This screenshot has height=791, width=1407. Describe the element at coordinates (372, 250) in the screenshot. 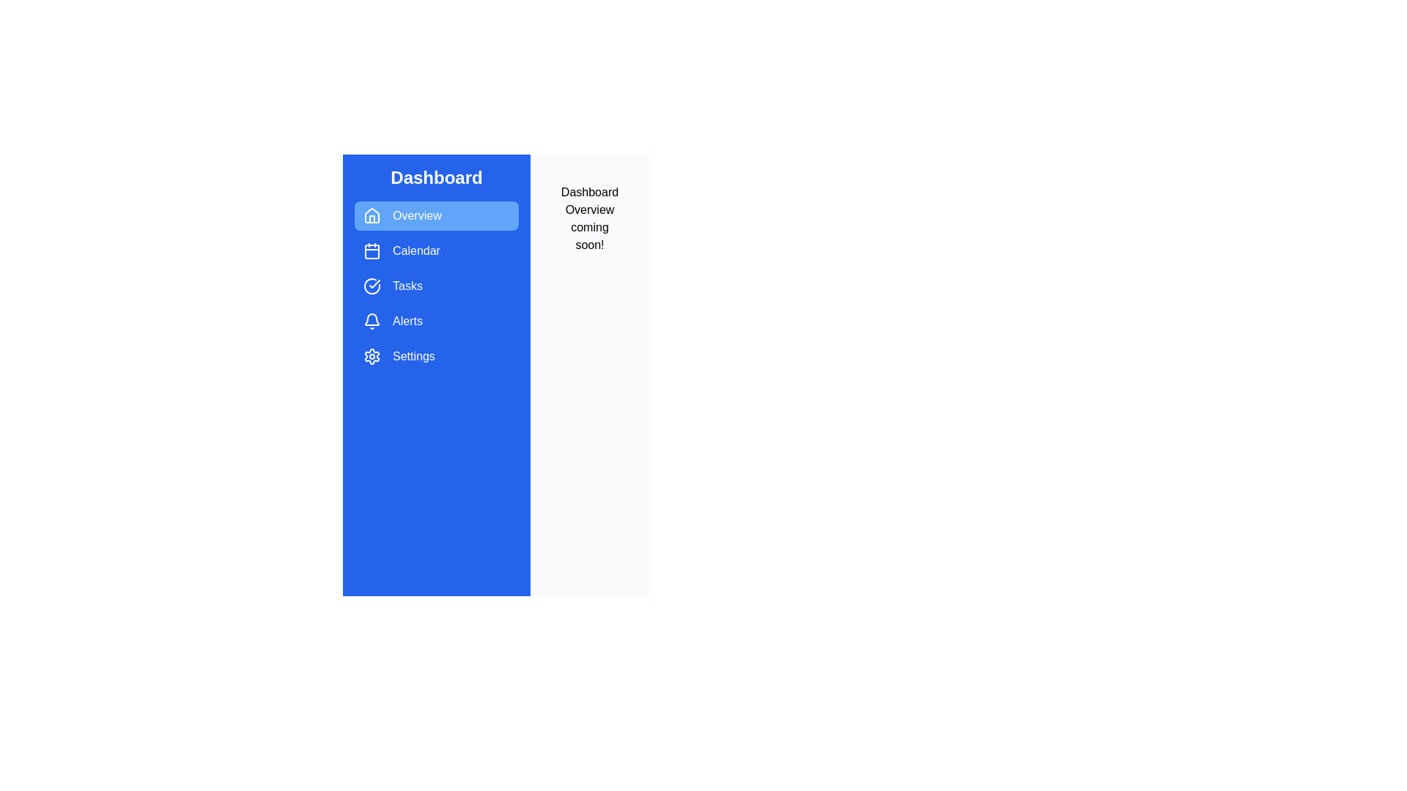

I see `the SVG rectangle element with rounded corners, which is located within the calendar icon` at that location.